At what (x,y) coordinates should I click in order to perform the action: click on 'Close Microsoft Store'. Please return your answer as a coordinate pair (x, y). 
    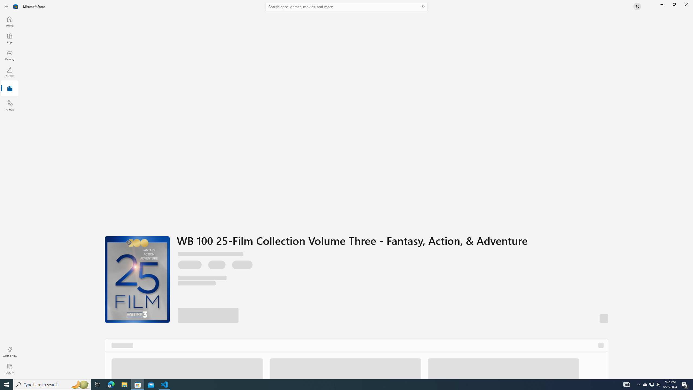
    Looking at the image, I should click on (686, 4).